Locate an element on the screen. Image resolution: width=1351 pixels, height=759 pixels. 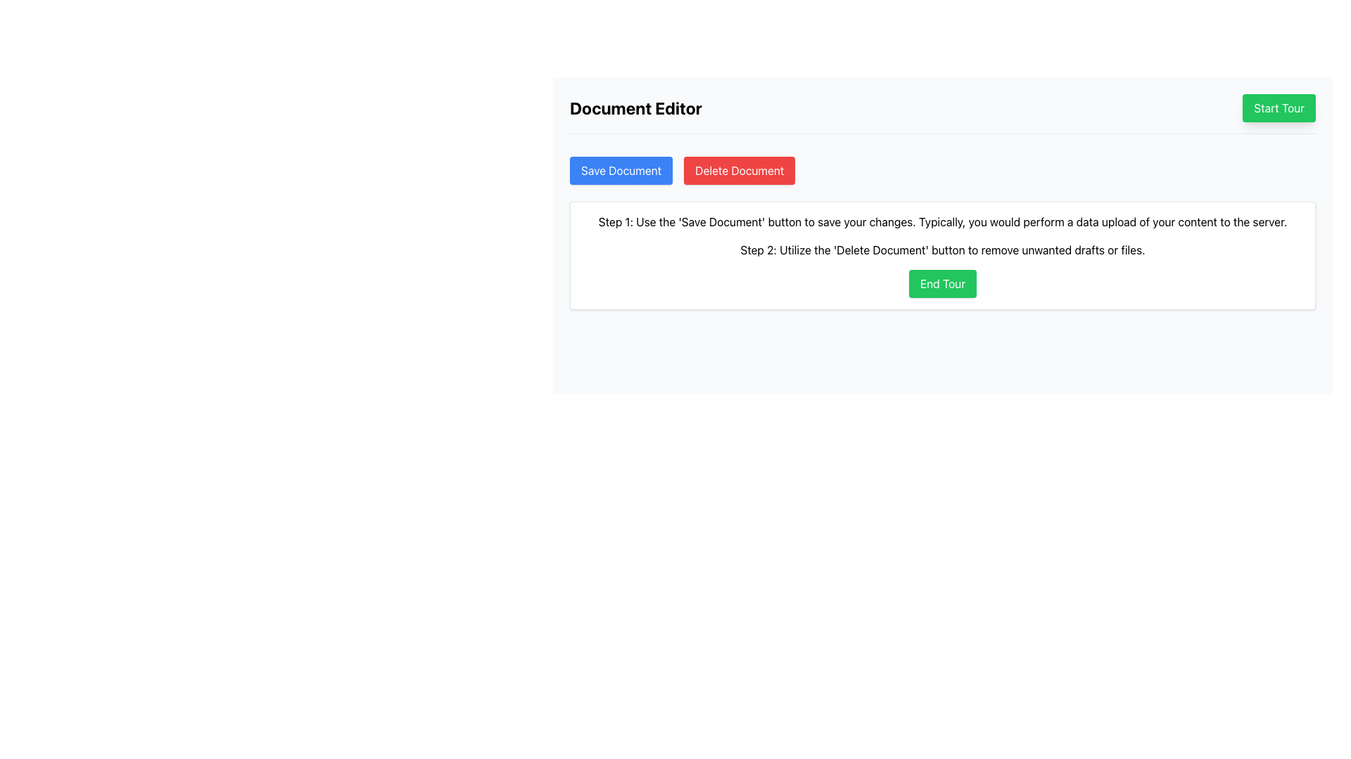
the static text element designed as a header or title, which helps users identify the current context related to document editing is located at coordinates (635, 108).